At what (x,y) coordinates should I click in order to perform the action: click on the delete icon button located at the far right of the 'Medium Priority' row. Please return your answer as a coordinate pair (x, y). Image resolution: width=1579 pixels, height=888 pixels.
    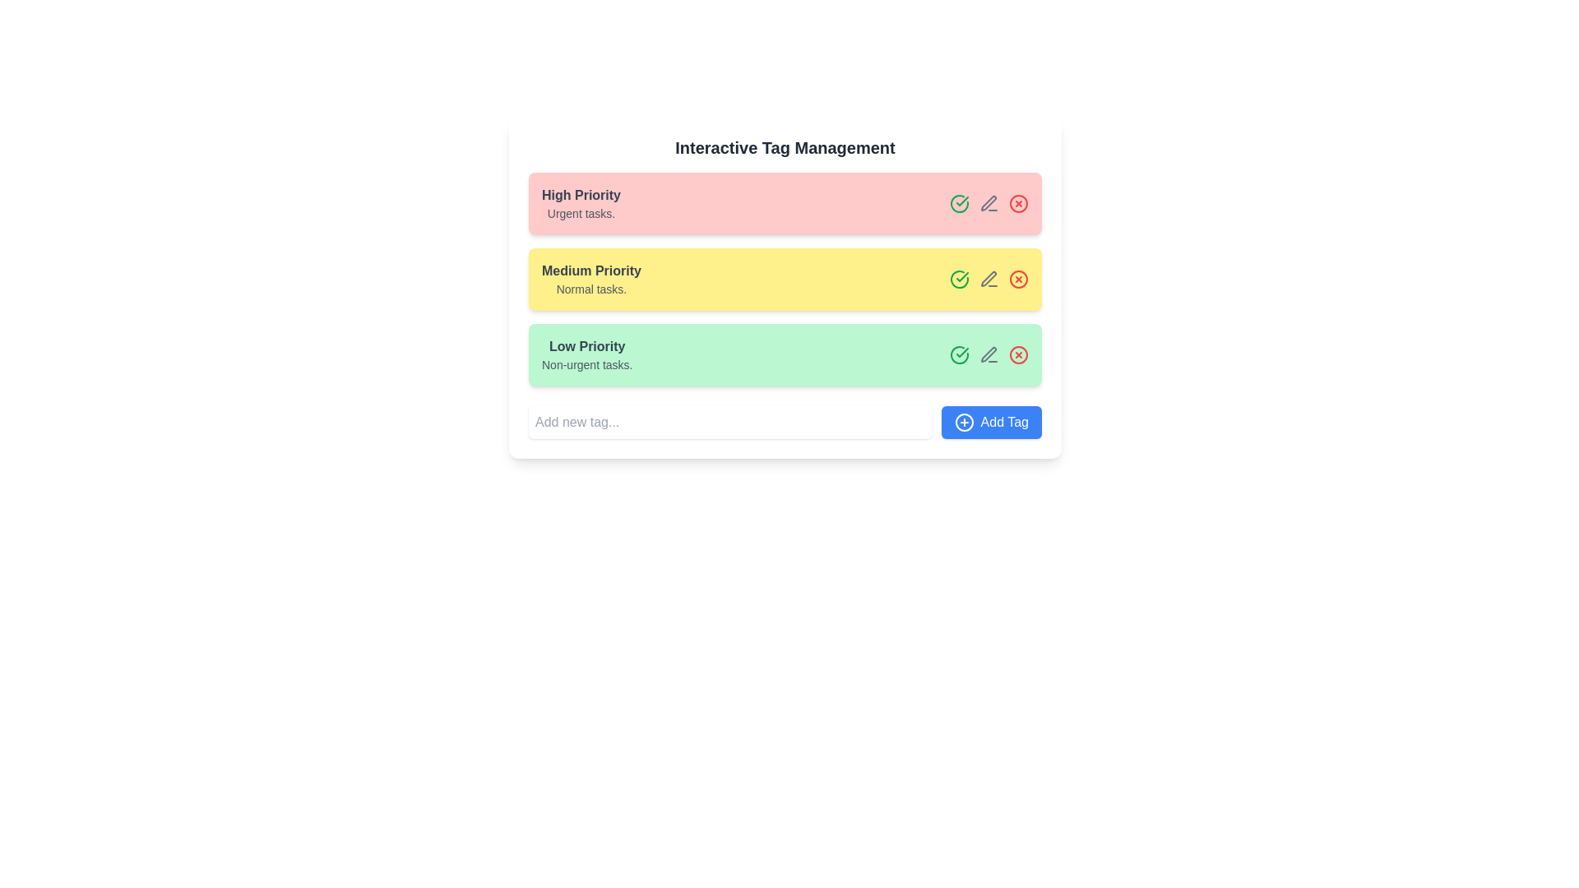
    Looking at the image, I should click on (1017, 278).